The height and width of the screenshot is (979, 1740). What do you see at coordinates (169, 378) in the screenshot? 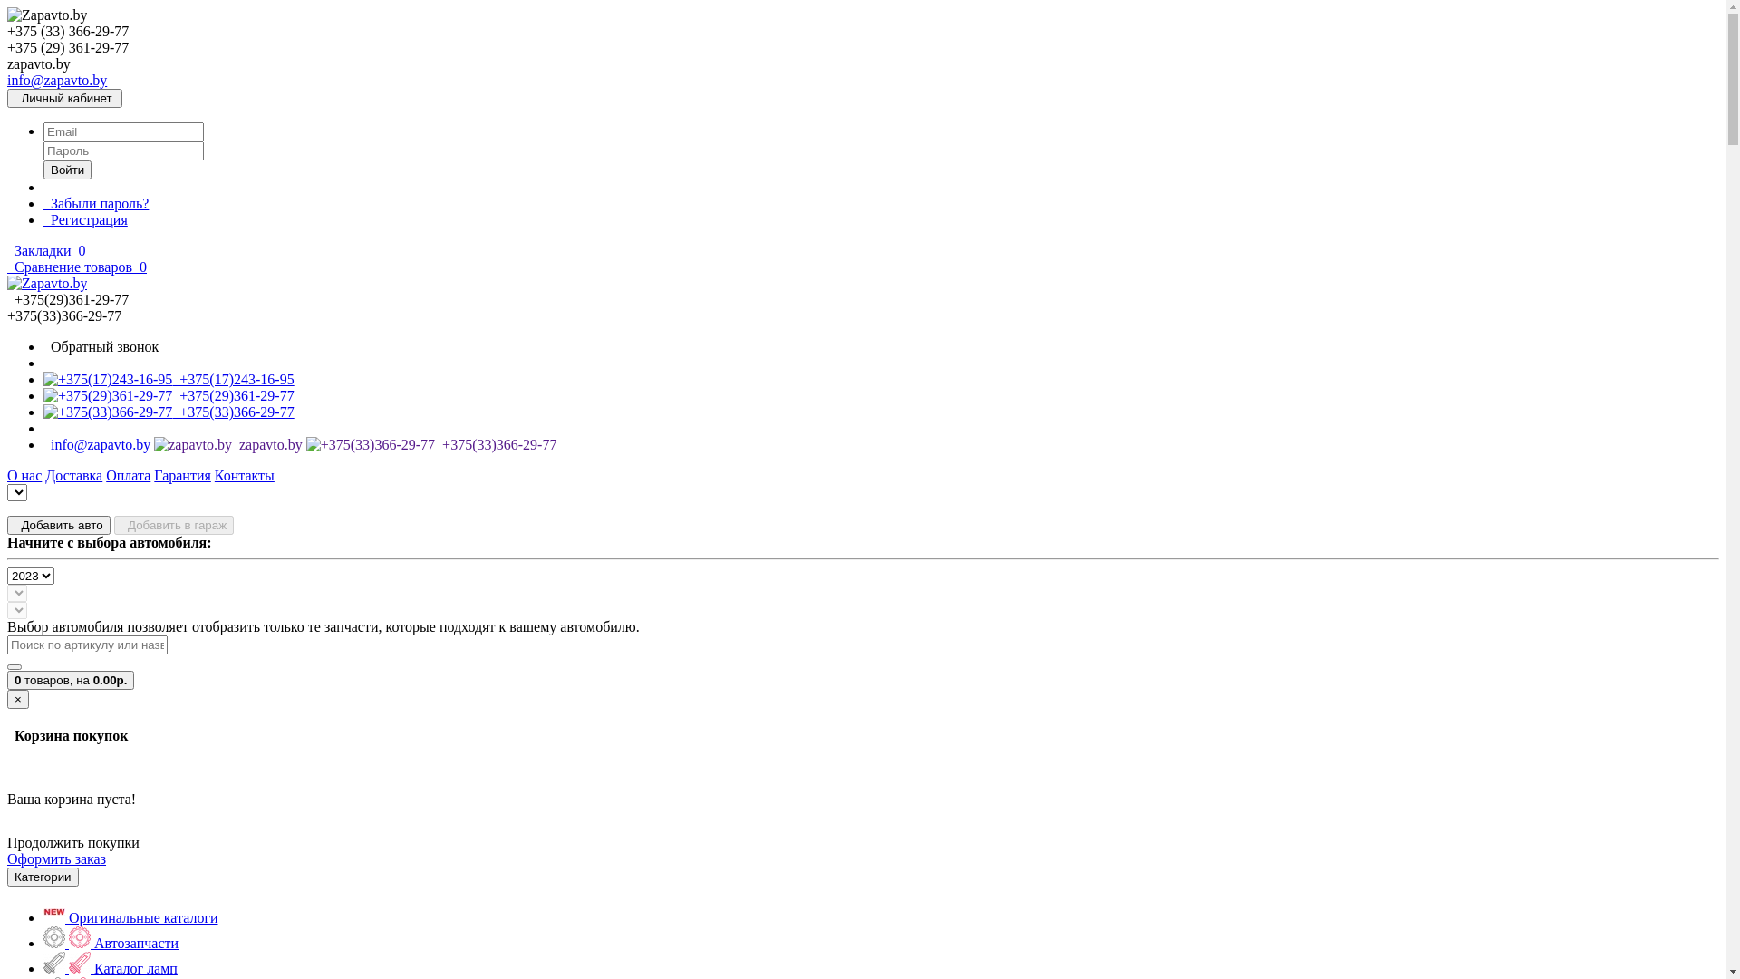
I see `'  +375(17)243-16-95'` at bounding box center [169, 378].